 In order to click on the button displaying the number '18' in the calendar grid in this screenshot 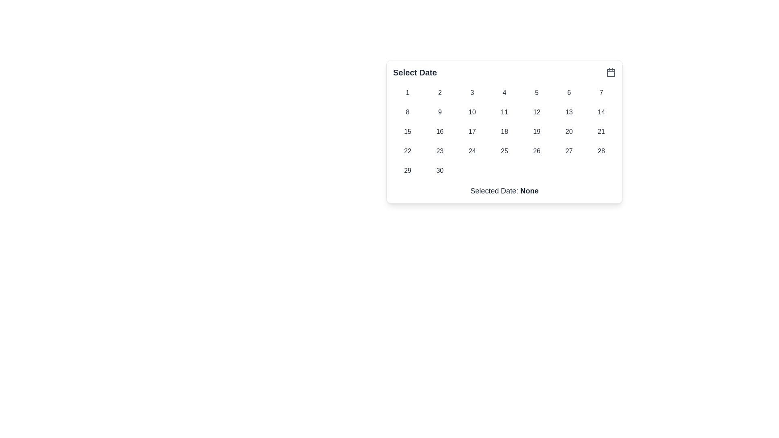, I will do `click(504, 131)`.